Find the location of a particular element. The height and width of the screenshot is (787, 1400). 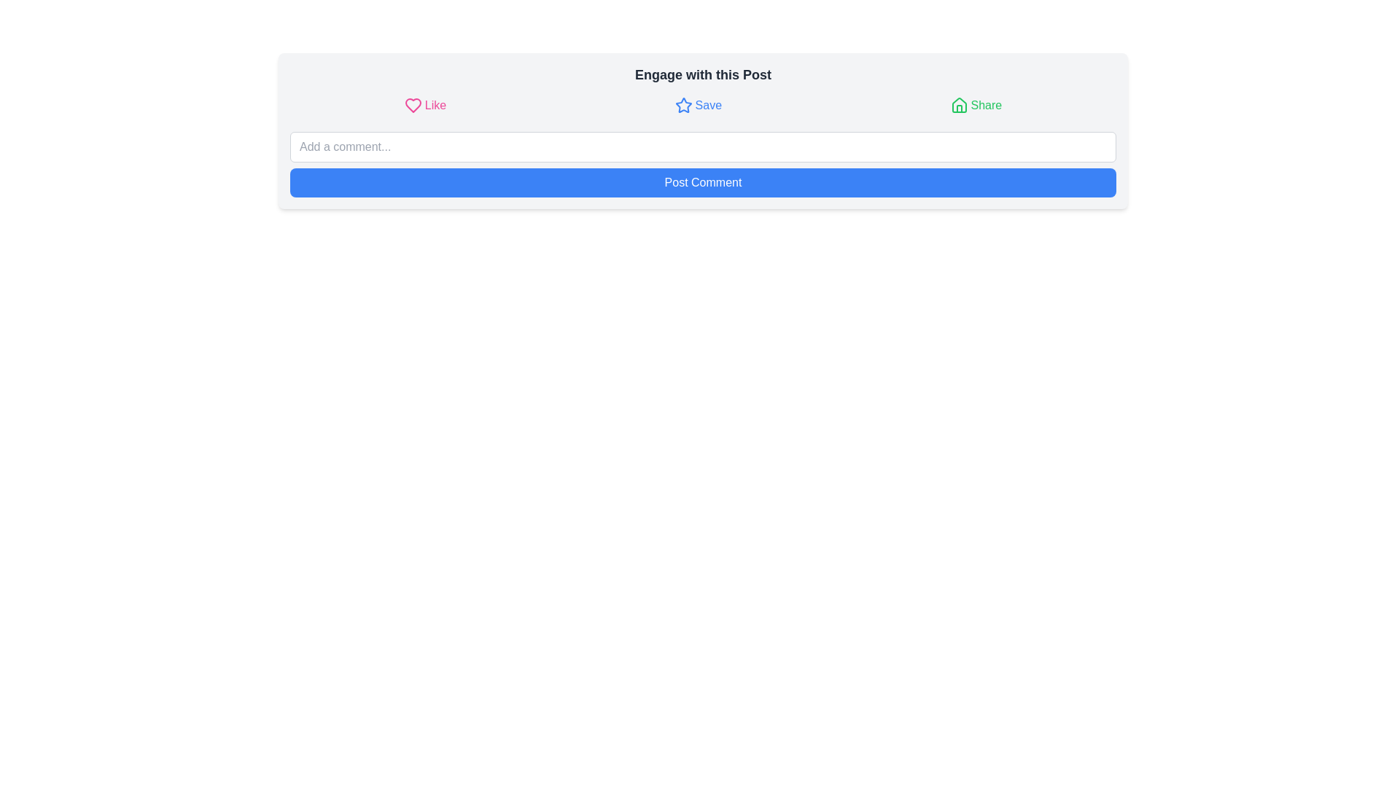

the 'Share' button, which features a light green house icon and green text that changes to darker green on hover, positioned as the third option in a horizontal arrangement of buttons is located at coordinates (976, 105).